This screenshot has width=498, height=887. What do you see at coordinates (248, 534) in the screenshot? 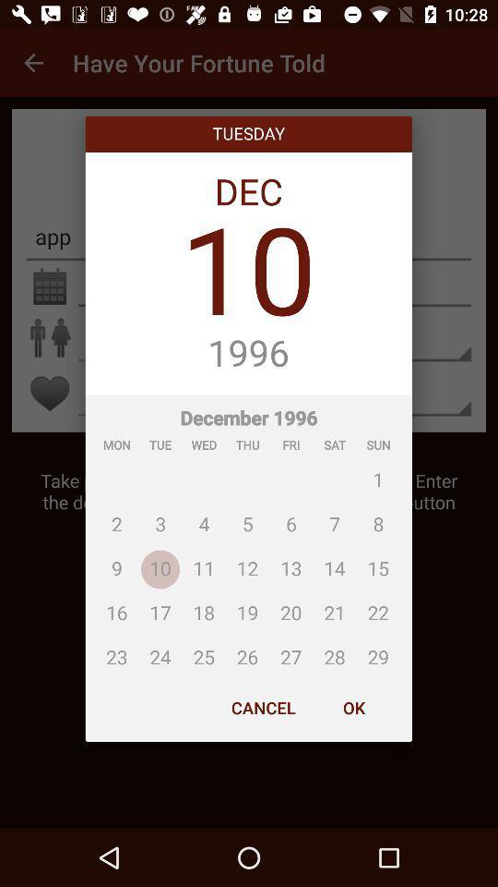
I see `the icon above the cancel` at bounding box center [248, 534].